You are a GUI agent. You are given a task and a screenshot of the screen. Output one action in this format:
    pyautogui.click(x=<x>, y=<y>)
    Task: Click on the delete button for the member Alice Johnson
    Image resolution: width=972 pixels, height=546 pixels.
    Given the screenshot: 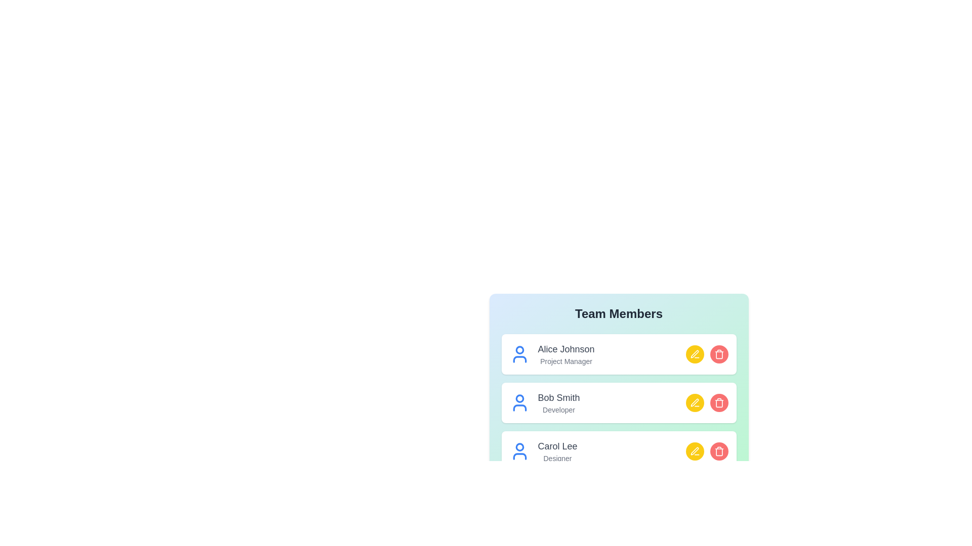 What is the action you would take?
    pyautogui.click(x=718, y=354)
    